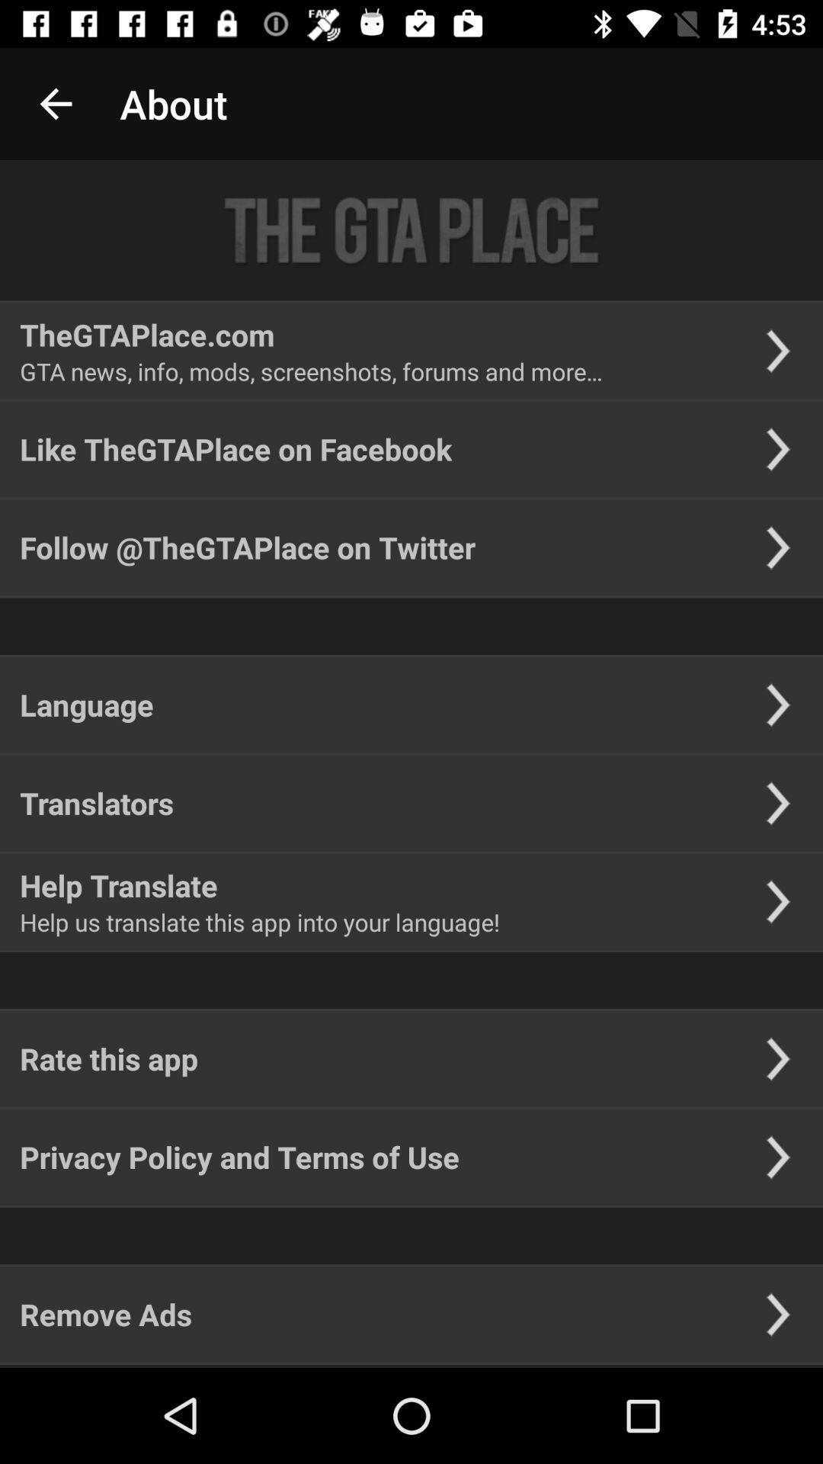 This screenshot has width=823, height=1464. I want to click on the gta news info, so click(310, 371).